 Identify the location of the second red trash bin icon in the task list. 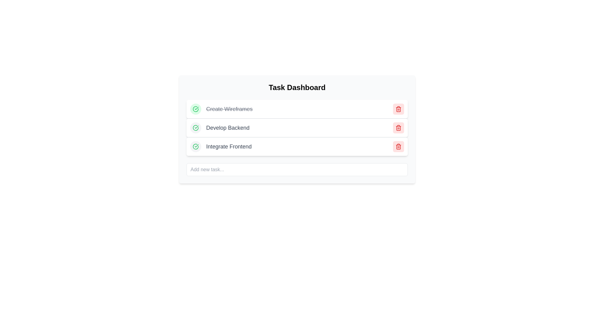
(398, 128).